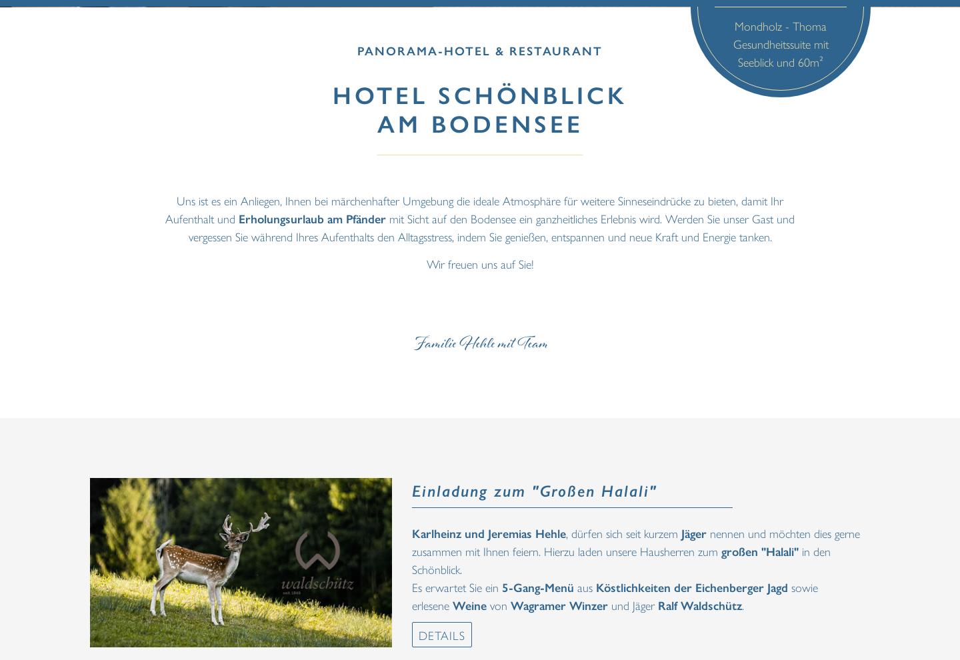 This screenshot has width=960, height=660. Describe the element at coordinates (479, 121) in the screenshot. I see `'am Bodensee'` at that location.